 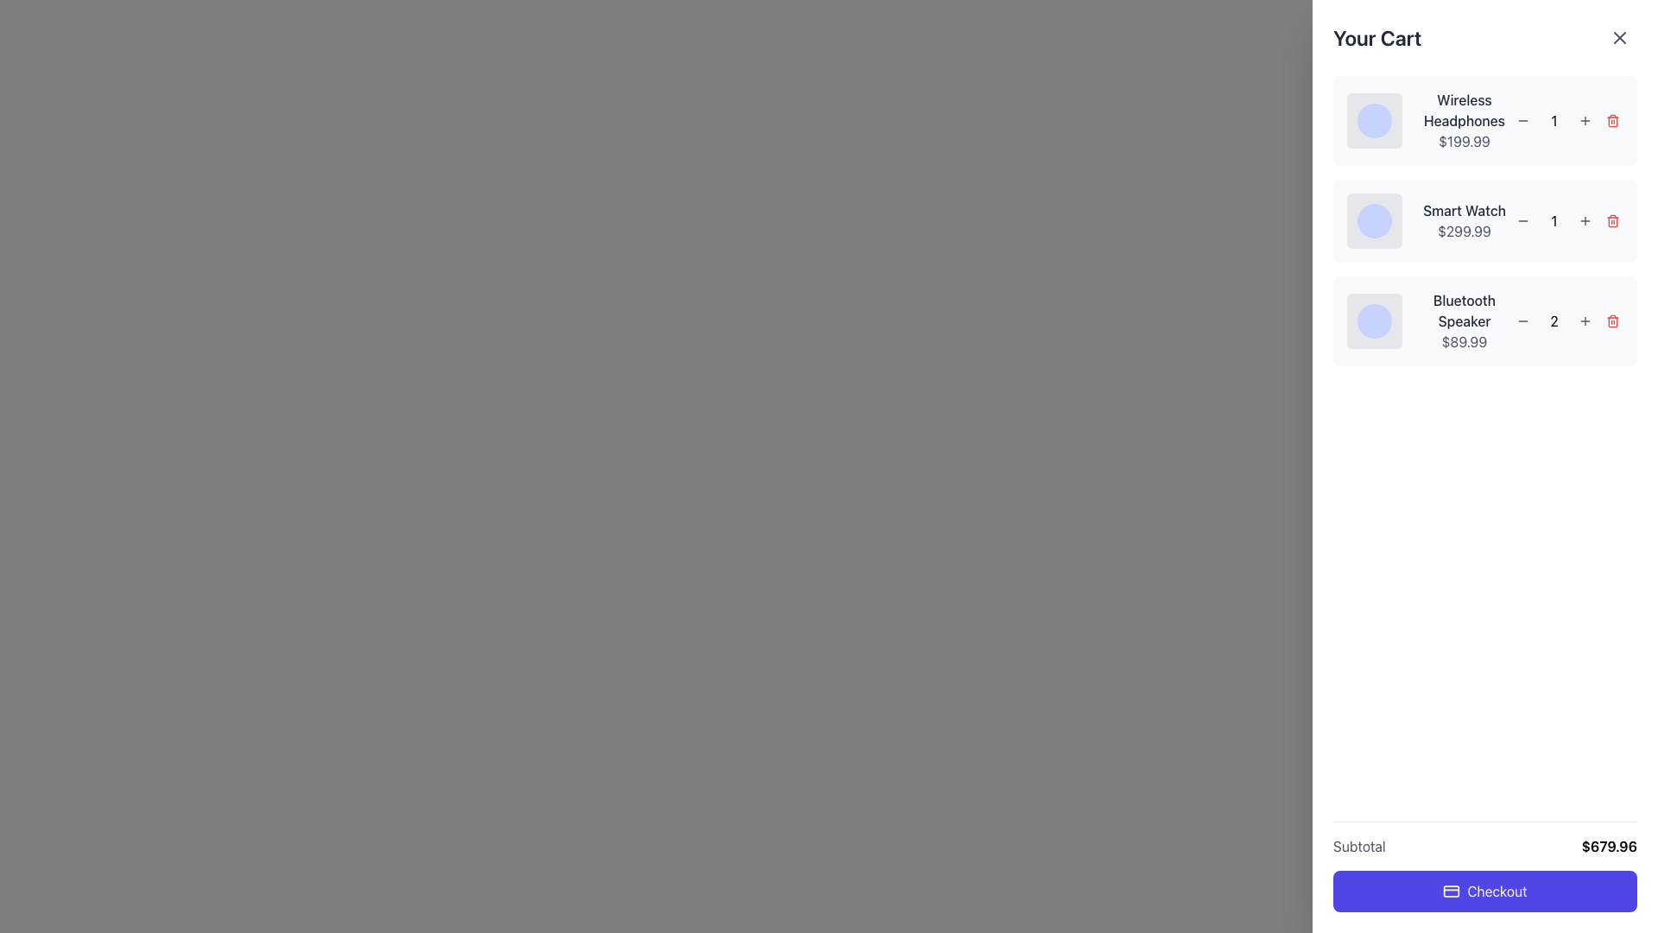 What do you see at coordinates (1611, 119) in the screenshot?
I see `the circular red delete button with a trash can icon located at the top-right corner of the 'Your Cart' section` at bounding box center [1611, 119].